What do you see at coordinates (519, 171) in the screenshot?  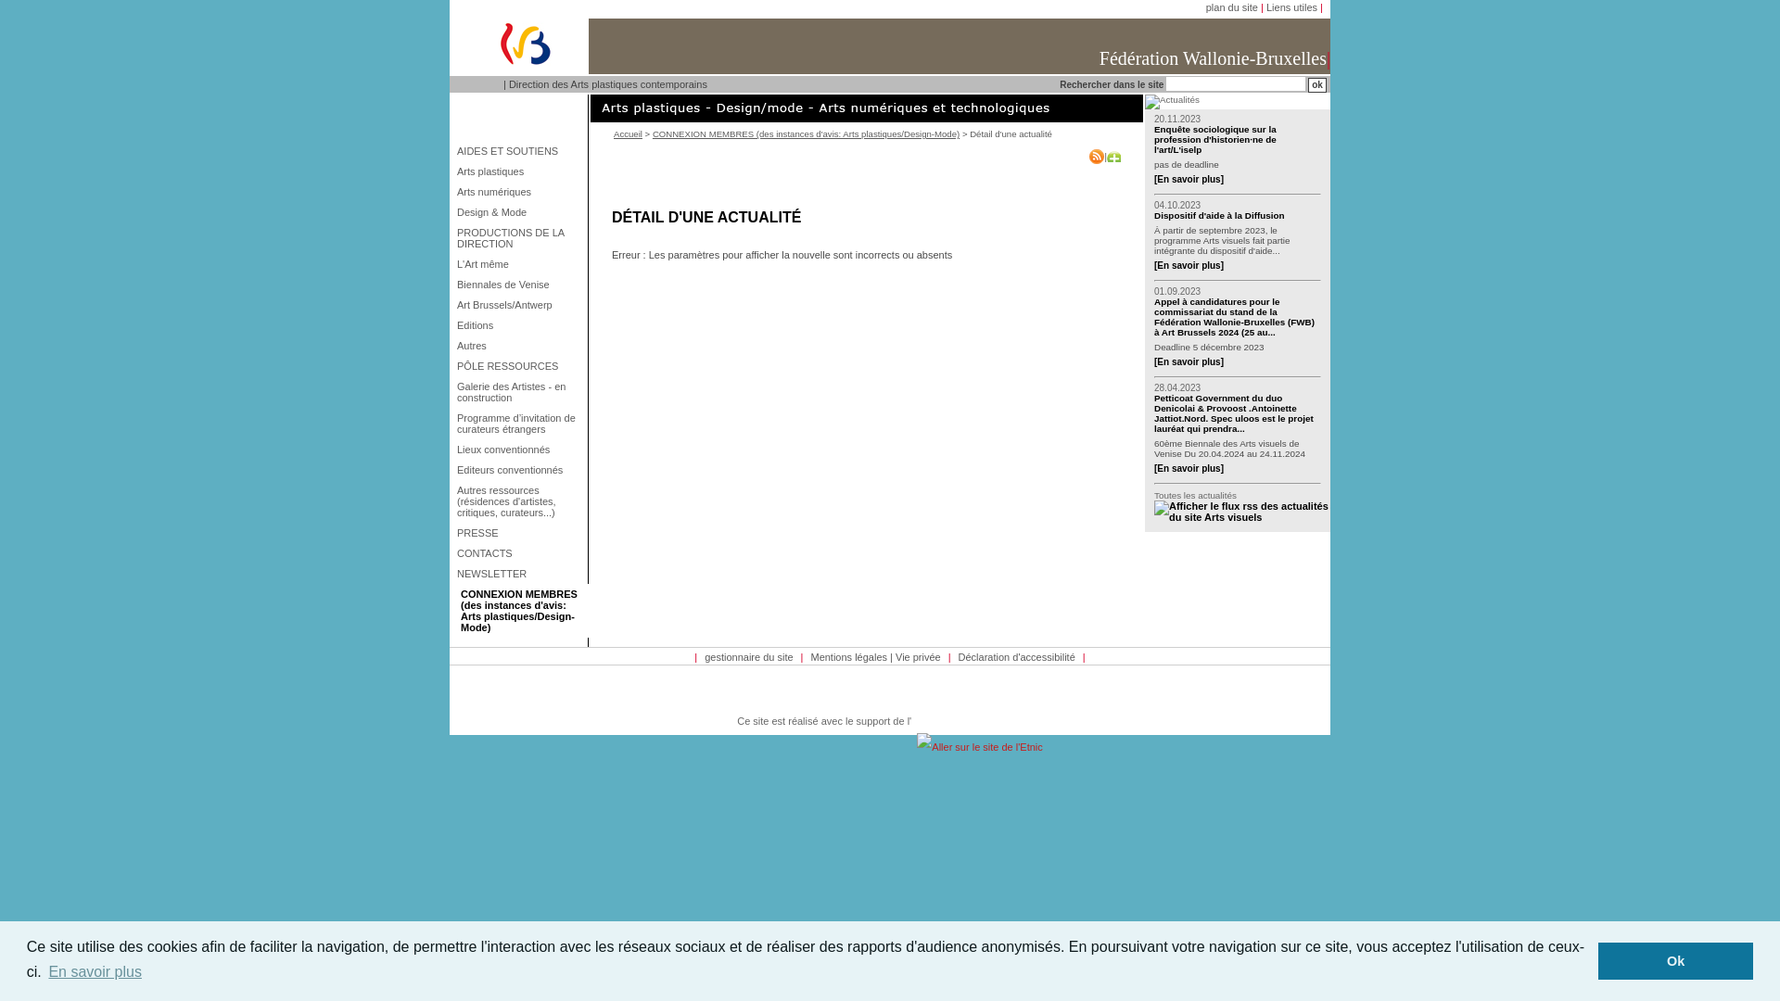 I see `'Arts plastiques'` at bounding box center [519, 171].